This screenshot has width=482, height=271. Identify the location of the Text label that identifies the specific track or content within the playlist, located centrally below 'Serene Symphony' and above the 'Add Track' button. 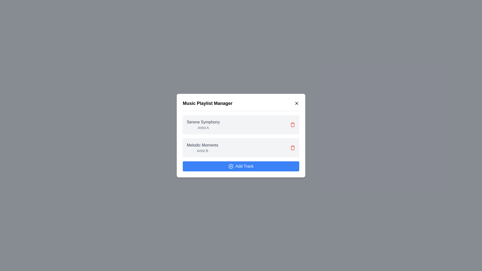
(202, 145).